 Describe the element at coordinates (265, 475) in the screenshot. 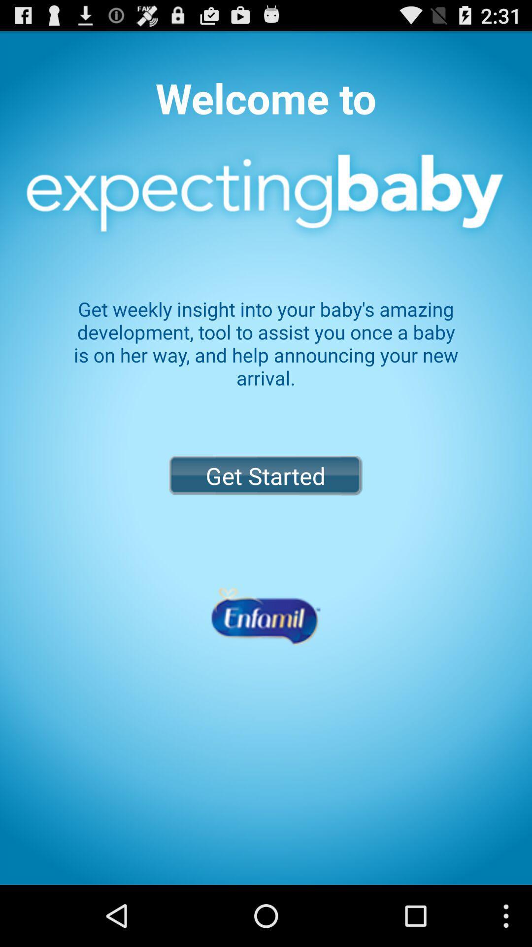

I see `item below get weekly insight icon` at that location.